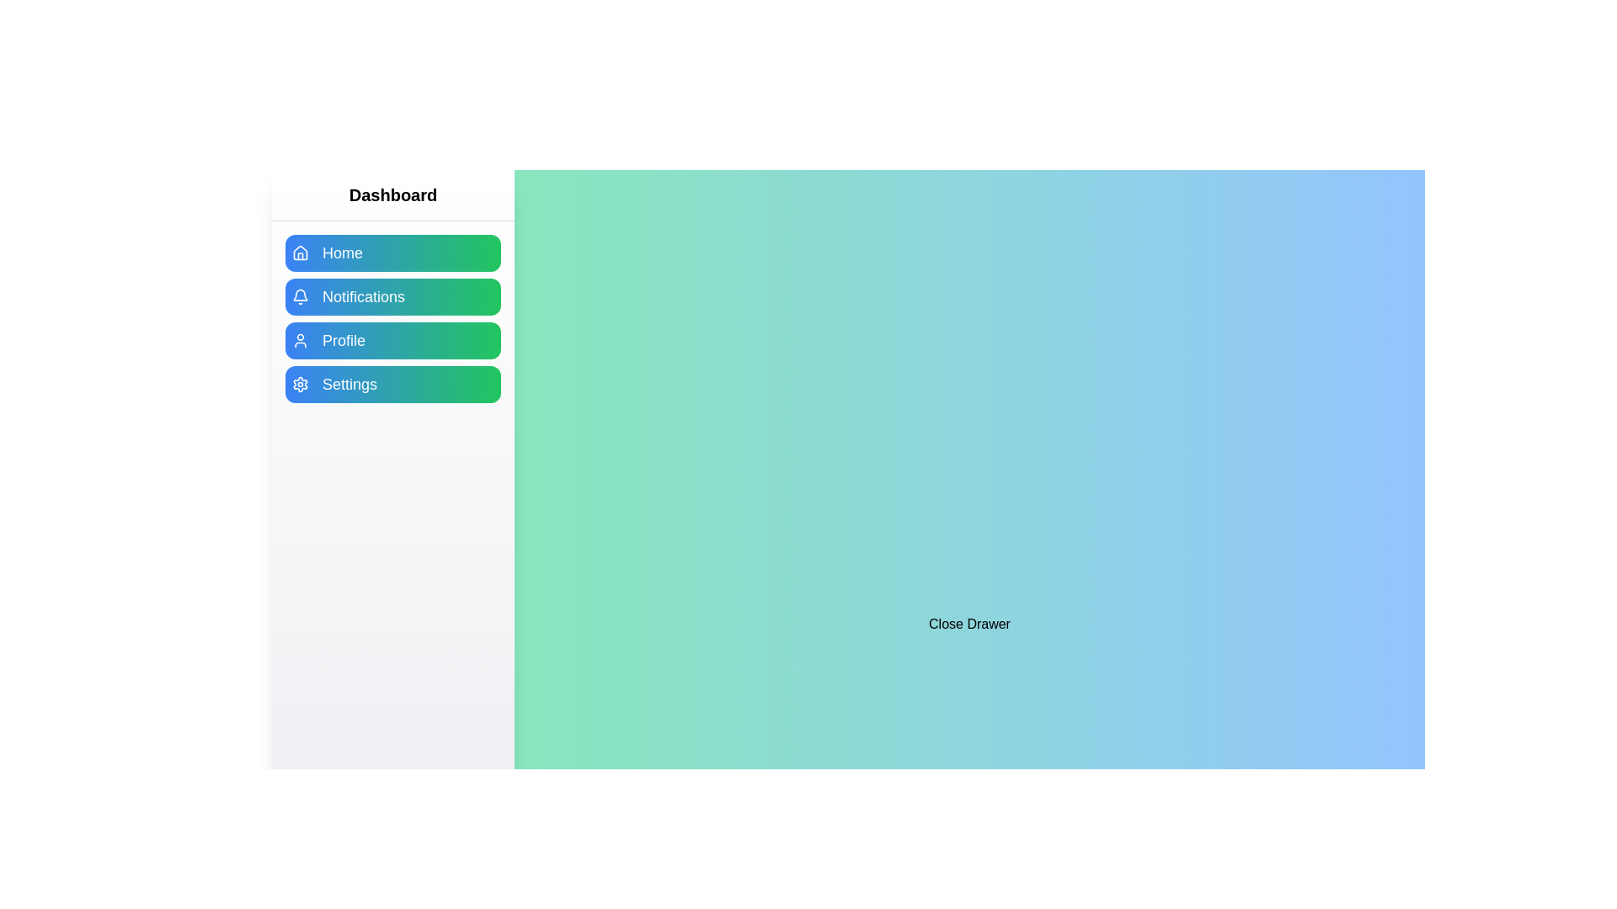  I want to click on the menu item labeled Home, so click(392, 252).